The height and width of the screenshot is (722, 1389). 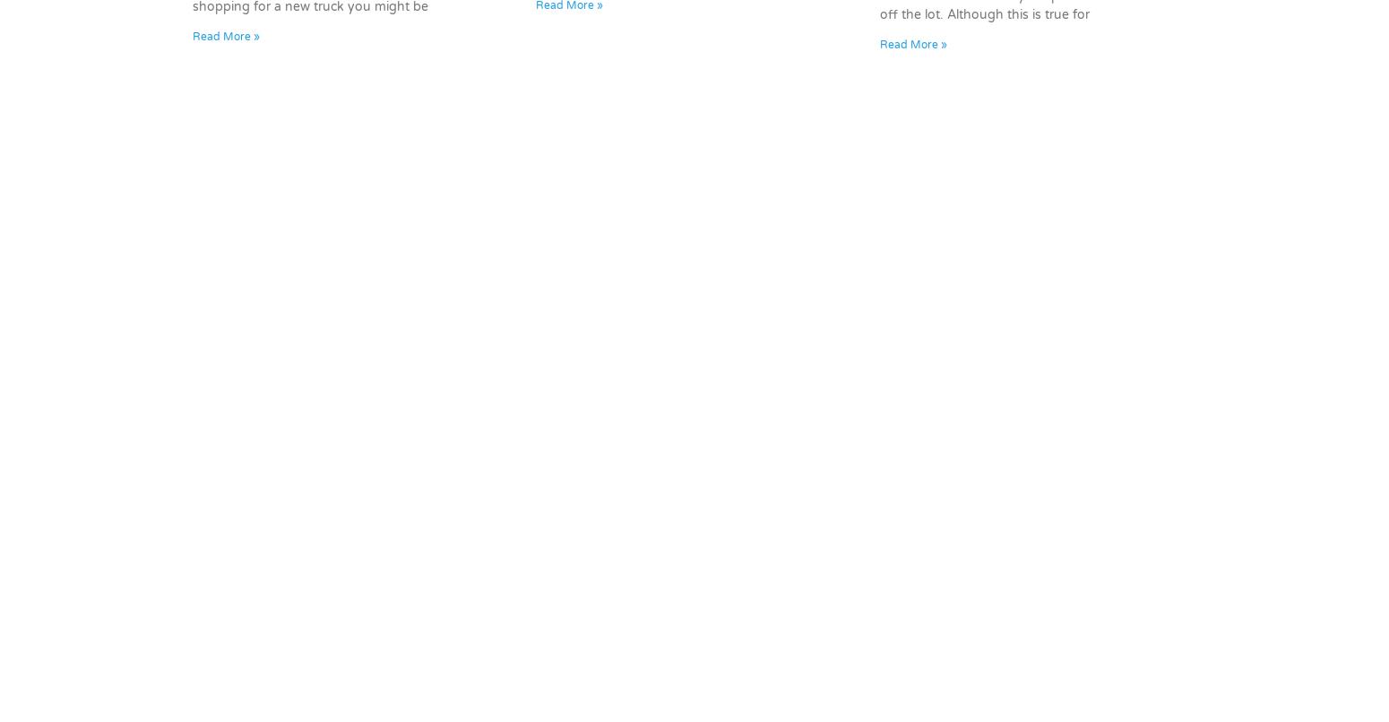 I want to click on 'Hours & Directions', so click(x=1043, y=546).